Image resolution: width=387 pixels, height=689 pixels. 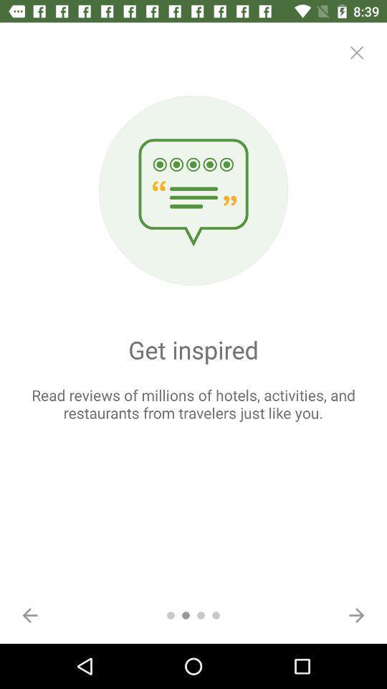 I want to click on the arrow_forward icon, so click(x=355, y=614).